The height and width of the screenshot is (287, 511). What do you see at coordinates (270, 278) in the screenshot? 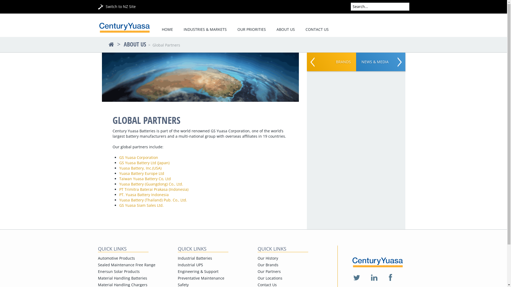
I see `'Our Locations'` at bounding box center [270, 278].